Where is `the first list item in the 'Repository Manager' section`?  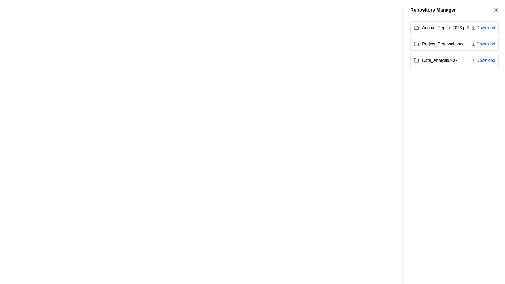
the first list item in the 'Repository Manager' section is located at coordinates (454, 28).